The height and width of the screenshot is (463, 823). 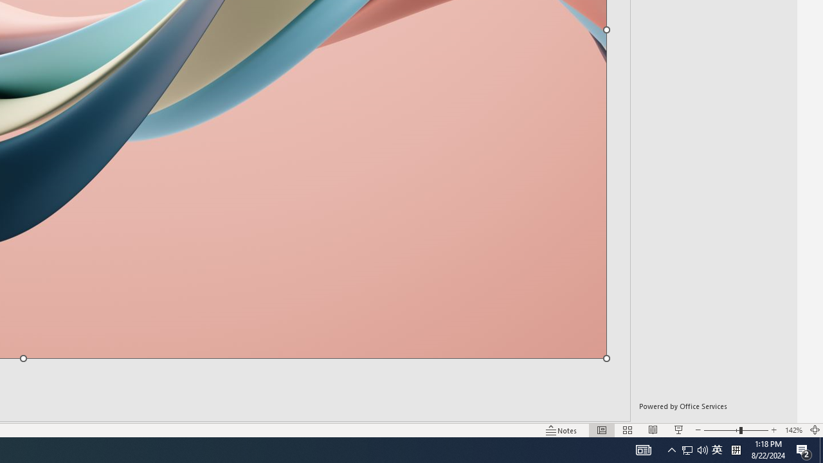 I want to click on 'Zoom 142%', so click(x=793, y=430).